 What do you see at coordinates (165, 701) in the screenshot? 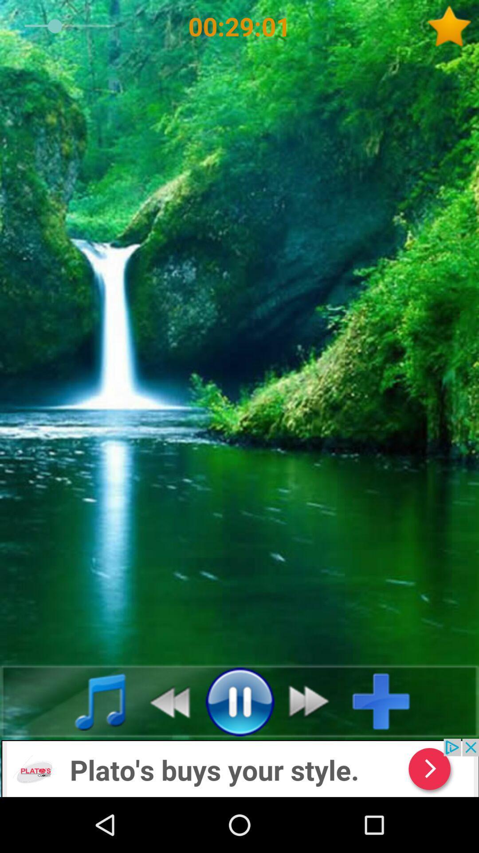
I see `backward icon` at bounding box center [165, 701].